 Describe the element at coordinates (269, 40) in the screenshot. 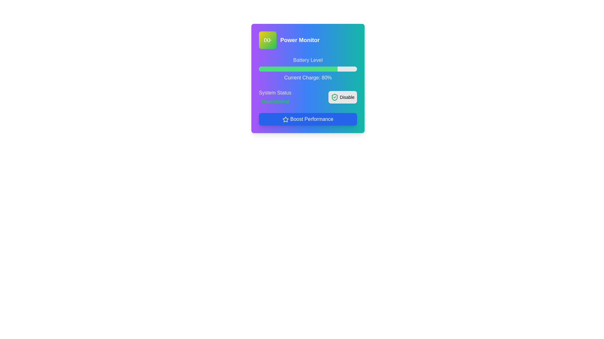

I see `the graphical component representing a section of the battery icon in the 'Power Monitor' interface, located on the right side of the icon's outline` at that location.